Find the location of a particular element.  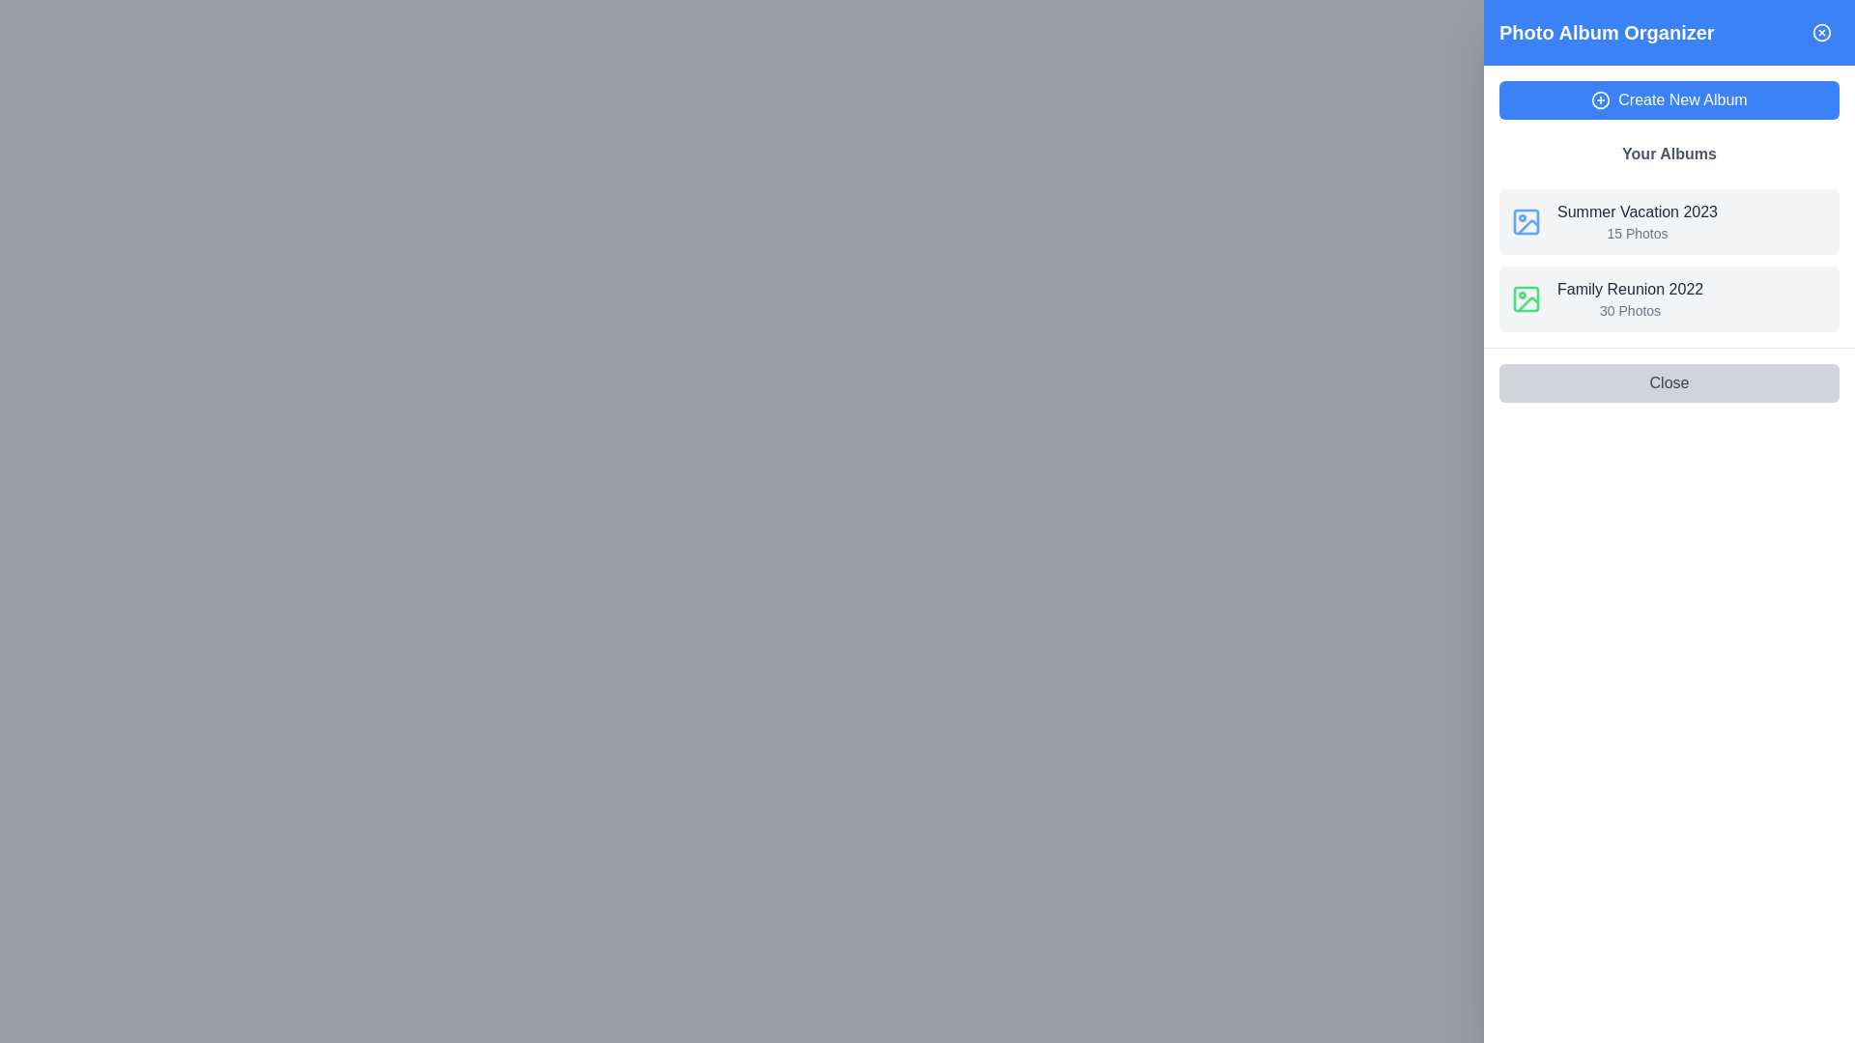

the informational text block for the album 'Family Reunion 2022' is located at coordinates (1628, 298).